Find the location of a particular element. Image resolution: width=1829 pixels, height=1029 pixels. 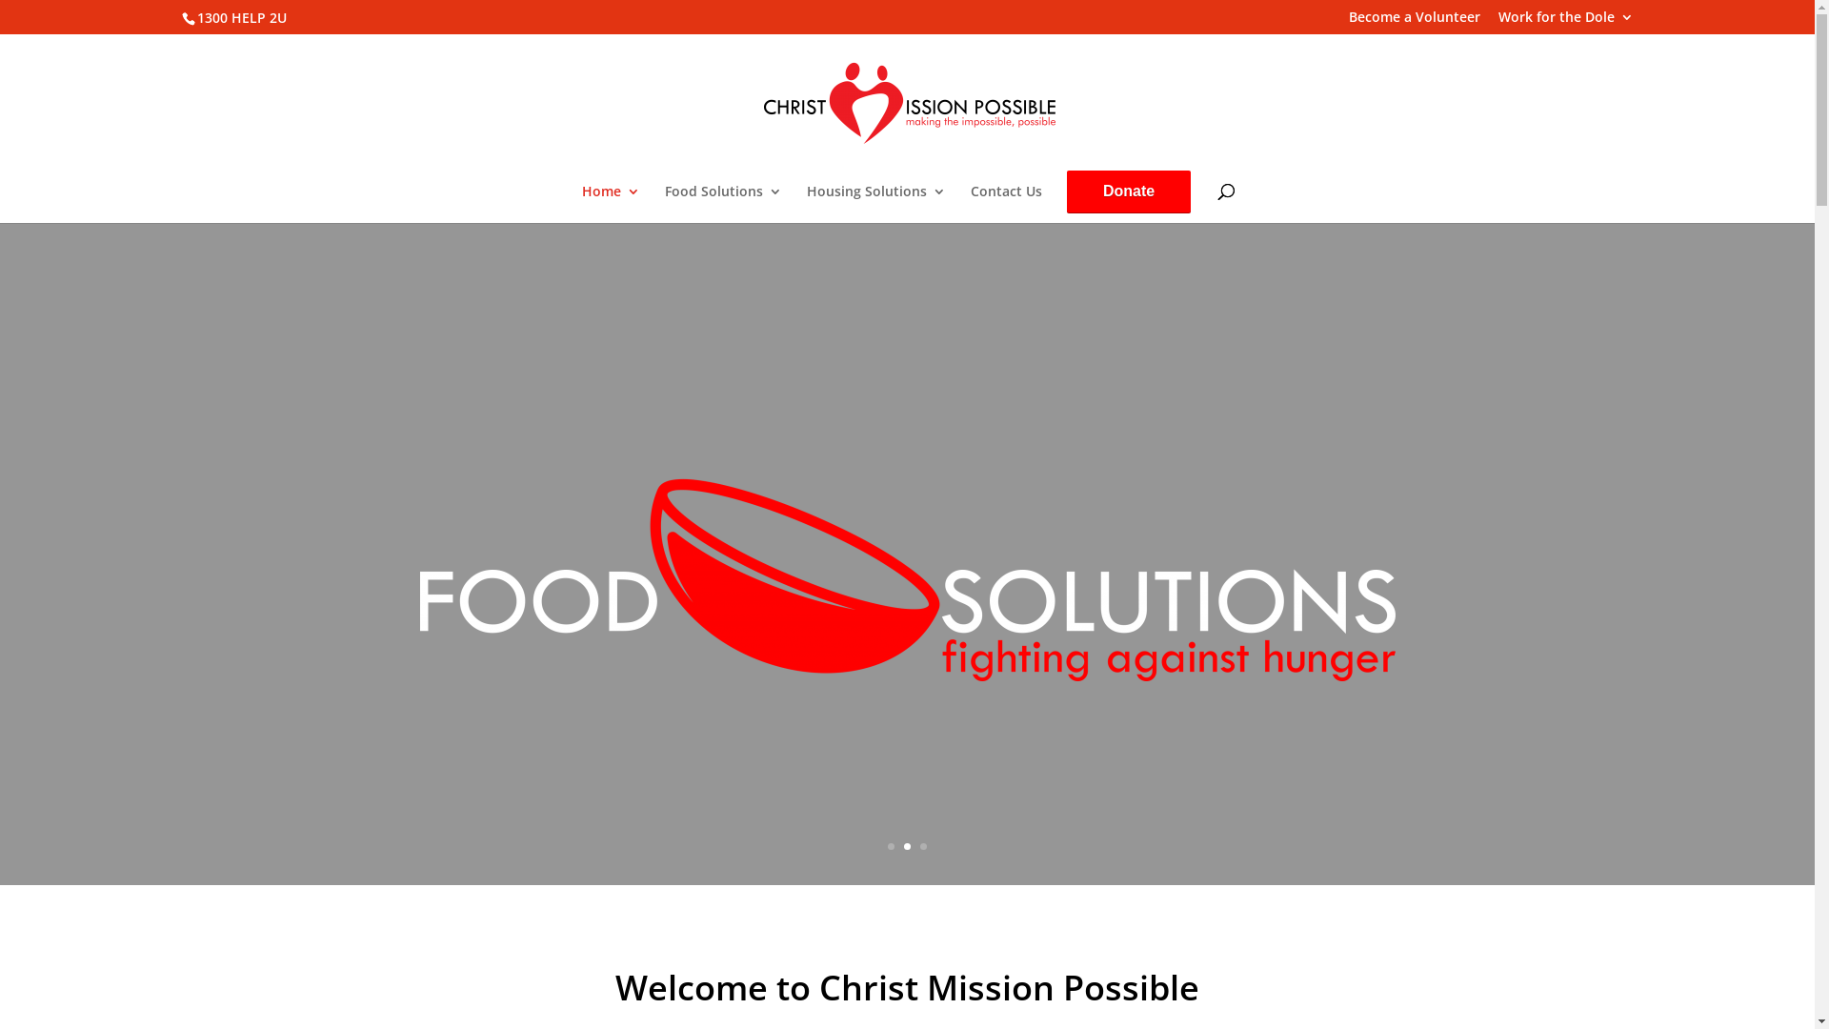

'3' is located at coordinates (919, 845).